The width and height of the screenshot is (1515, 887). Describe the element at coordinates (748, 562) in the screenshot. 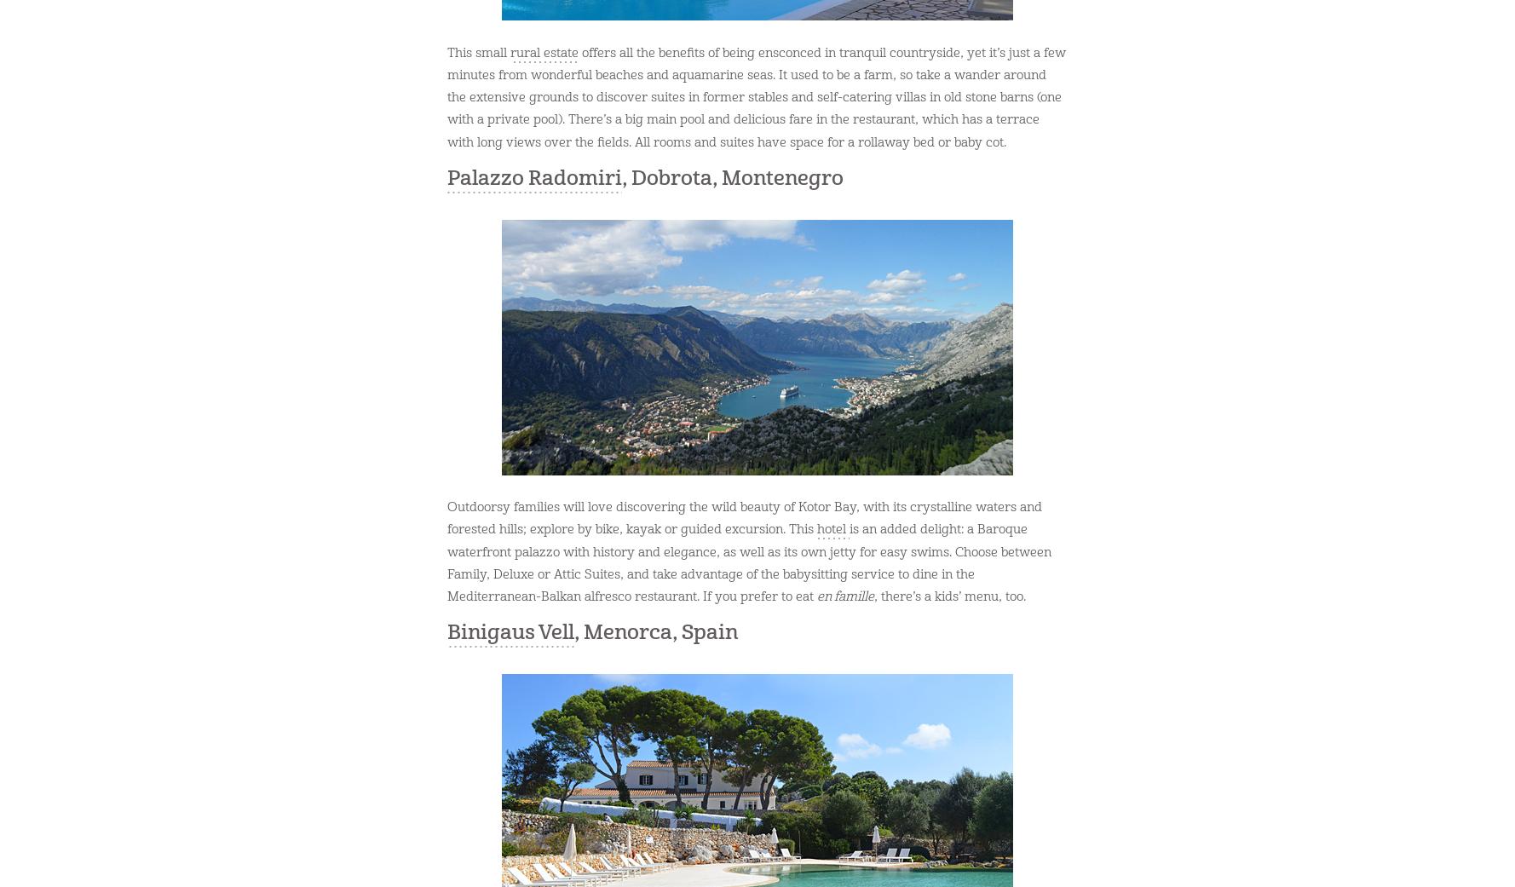

I see `'is an added delight: a Baroque waterfront palazzo with history and elegance, as well as its own jetty for easy swims. Choose between Family, Deluxe or Attic Suites, and take advantage of the babysitting service to dine in the Mediterranean-Balkan alfresco restaurant. If you prefer to eat'` at that location.